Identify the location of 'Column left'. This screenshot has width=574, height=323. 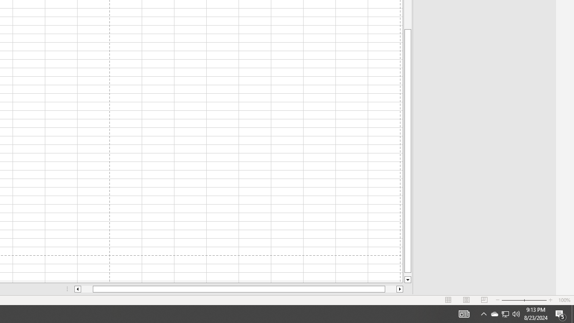
(77, 289).